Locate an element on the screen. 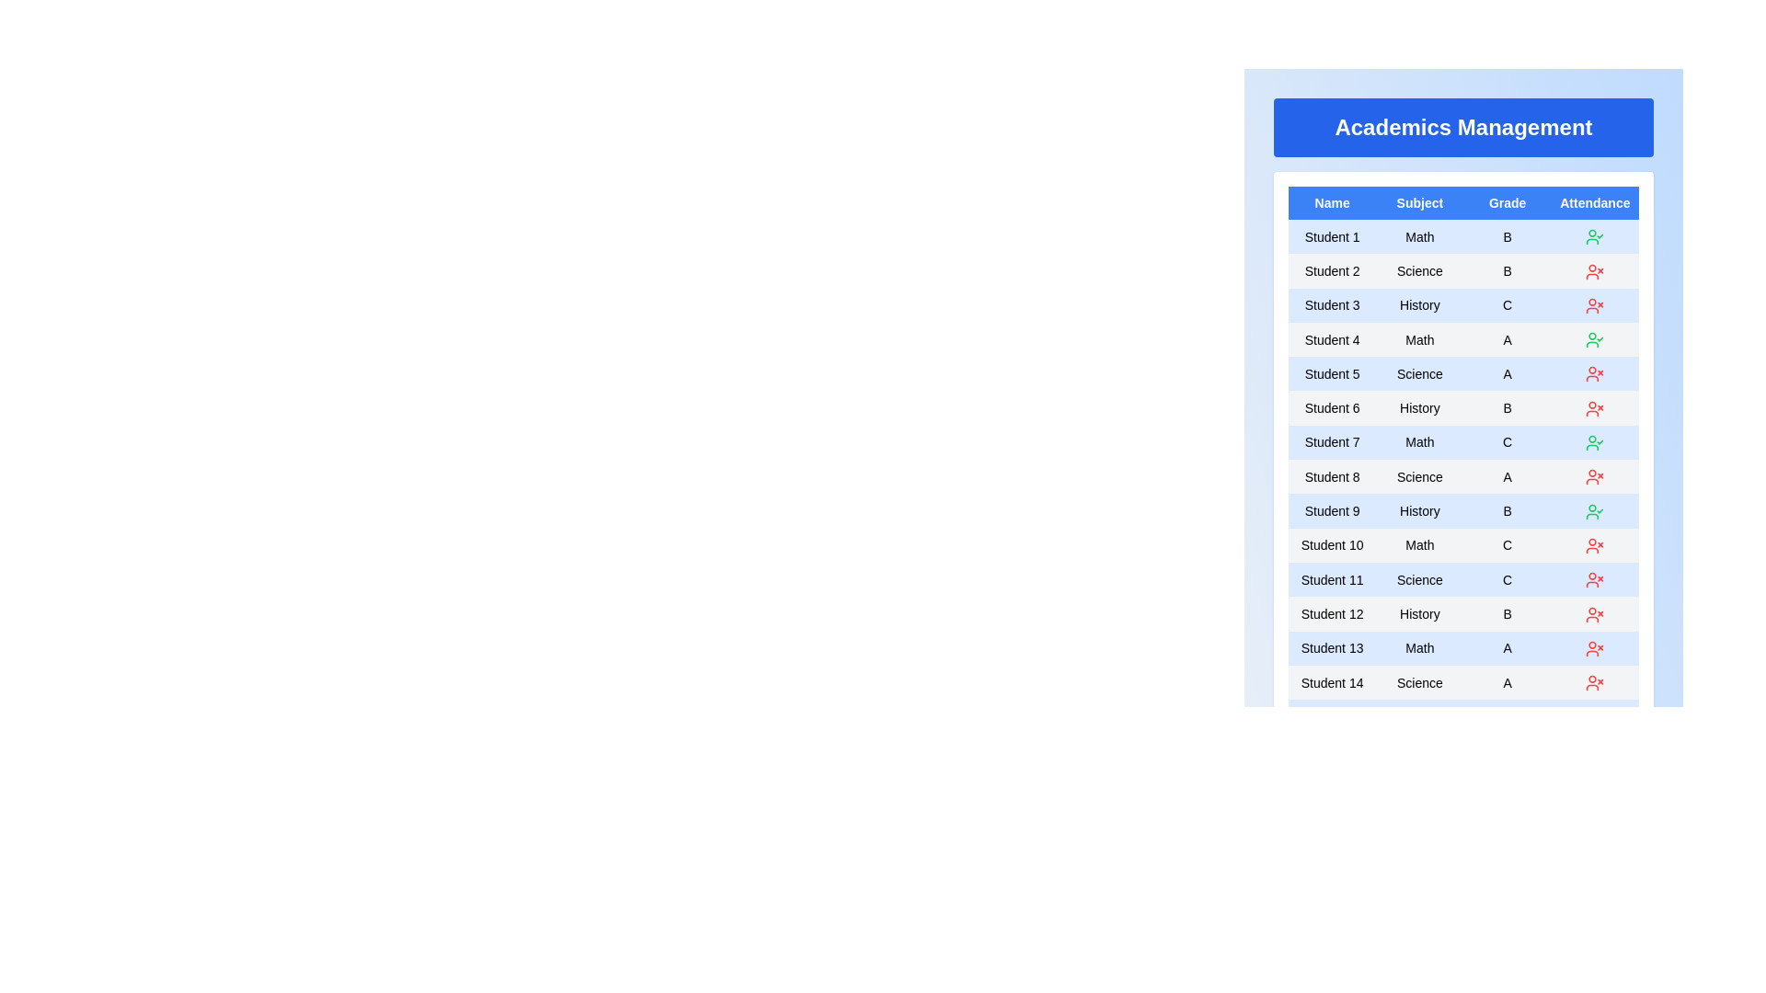 Image resolution: width=1766 pixels, height=993 pixels. the column header Subject to sort the table by that column is located at coordinates (1418, 202).